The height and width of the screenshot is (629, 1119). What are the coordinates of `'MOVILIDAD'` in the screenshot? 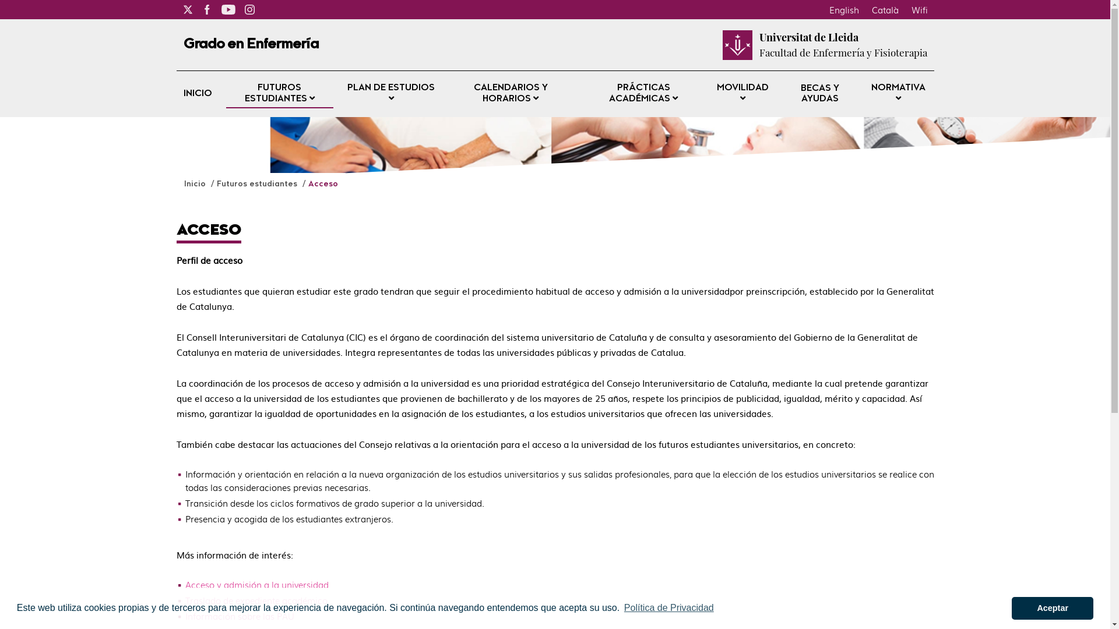 It's located at (741, 93).